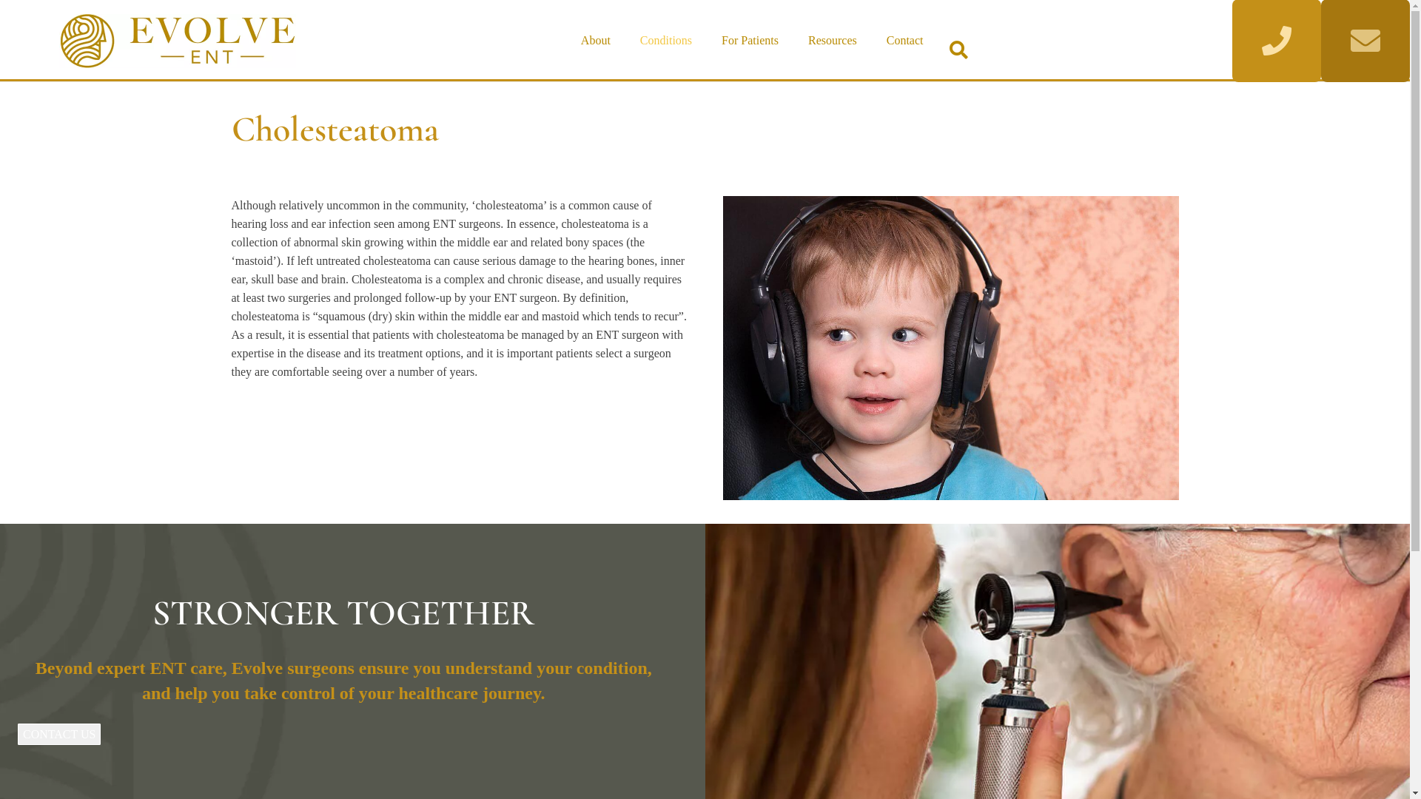 The width and height of the screenshot is (1421, 799). What do you see at coordinates (59, 732) in the screenshot?
I see `'CONTACT US'` at bounding box center [59, 732].